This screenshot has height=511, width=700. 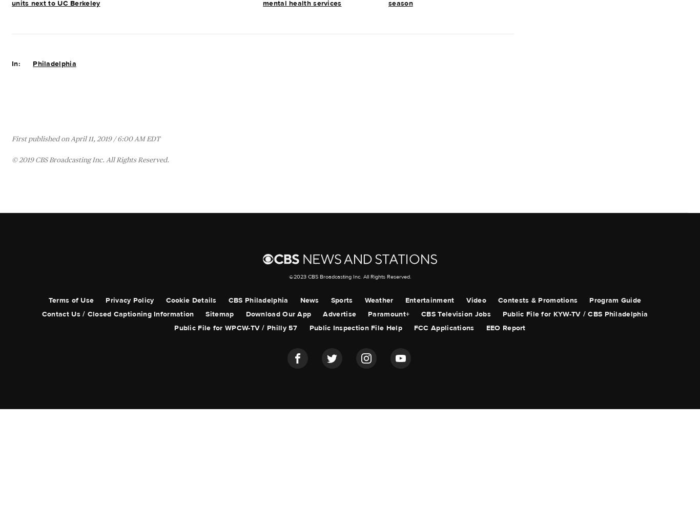 What do you see at coordinates (379, 300) in the screenshot?
I see `'Weather'` at bounding box center [379, 300].